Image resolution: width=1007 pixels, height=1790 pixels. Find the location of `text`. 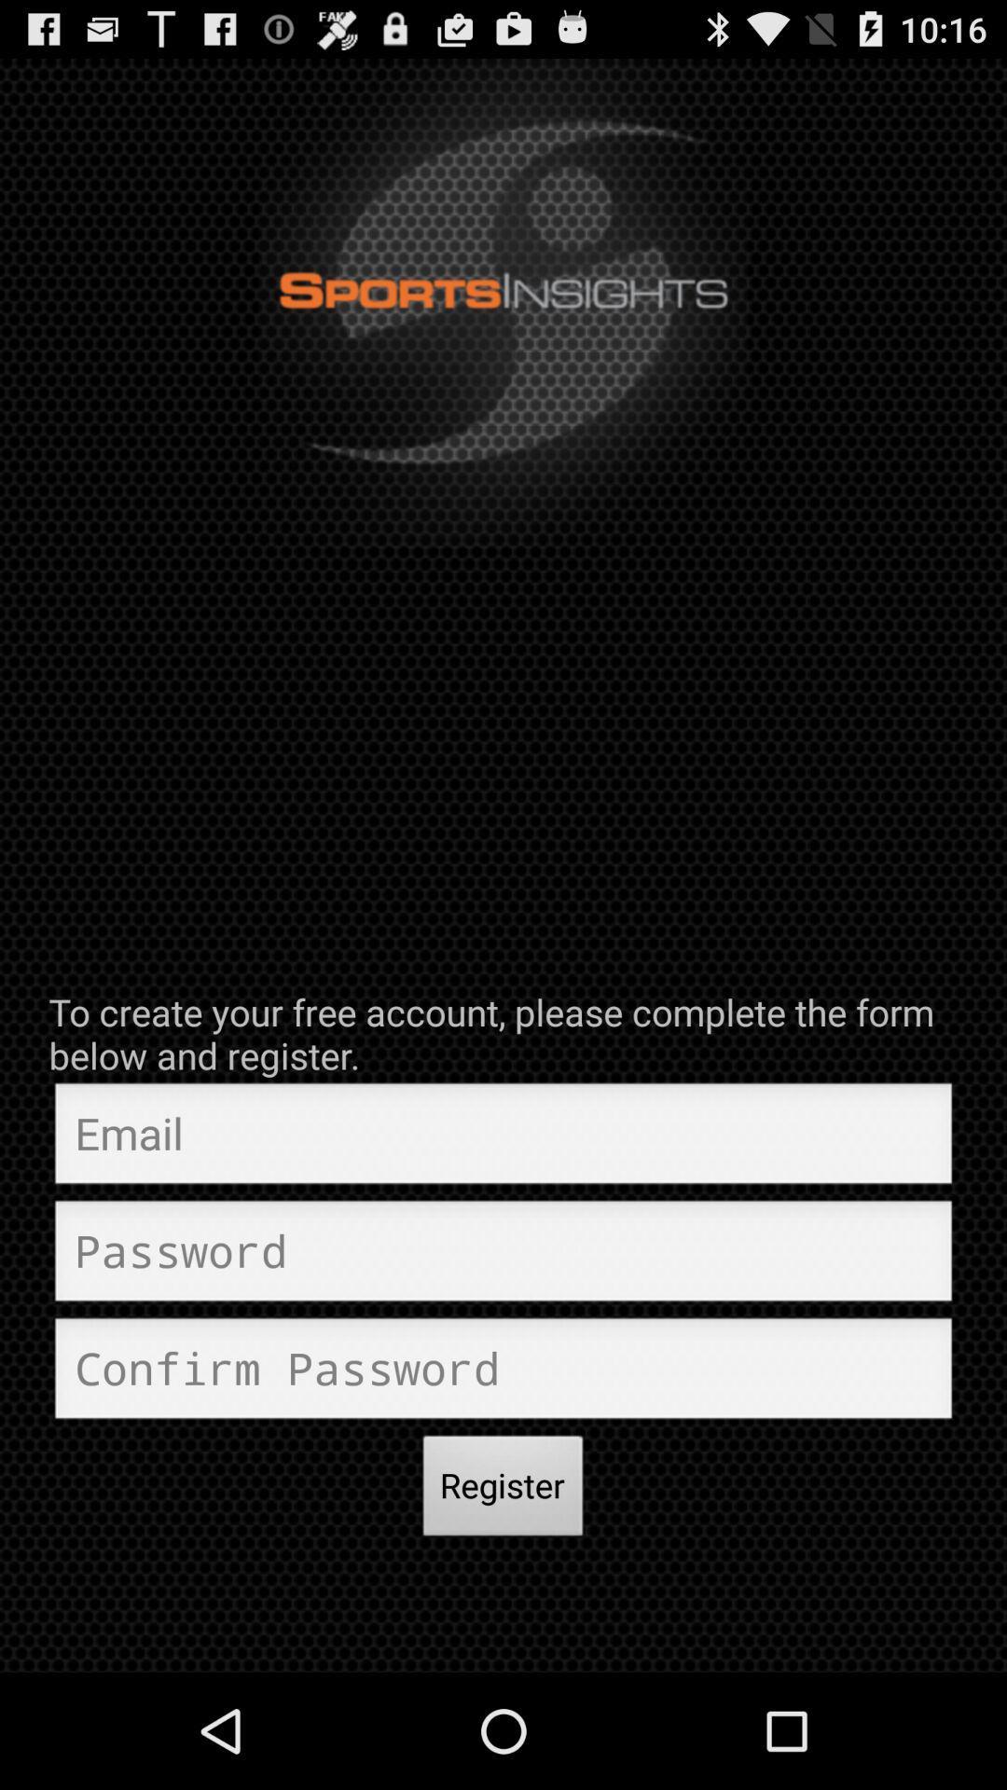

text is located at coordinates (504, 1373).